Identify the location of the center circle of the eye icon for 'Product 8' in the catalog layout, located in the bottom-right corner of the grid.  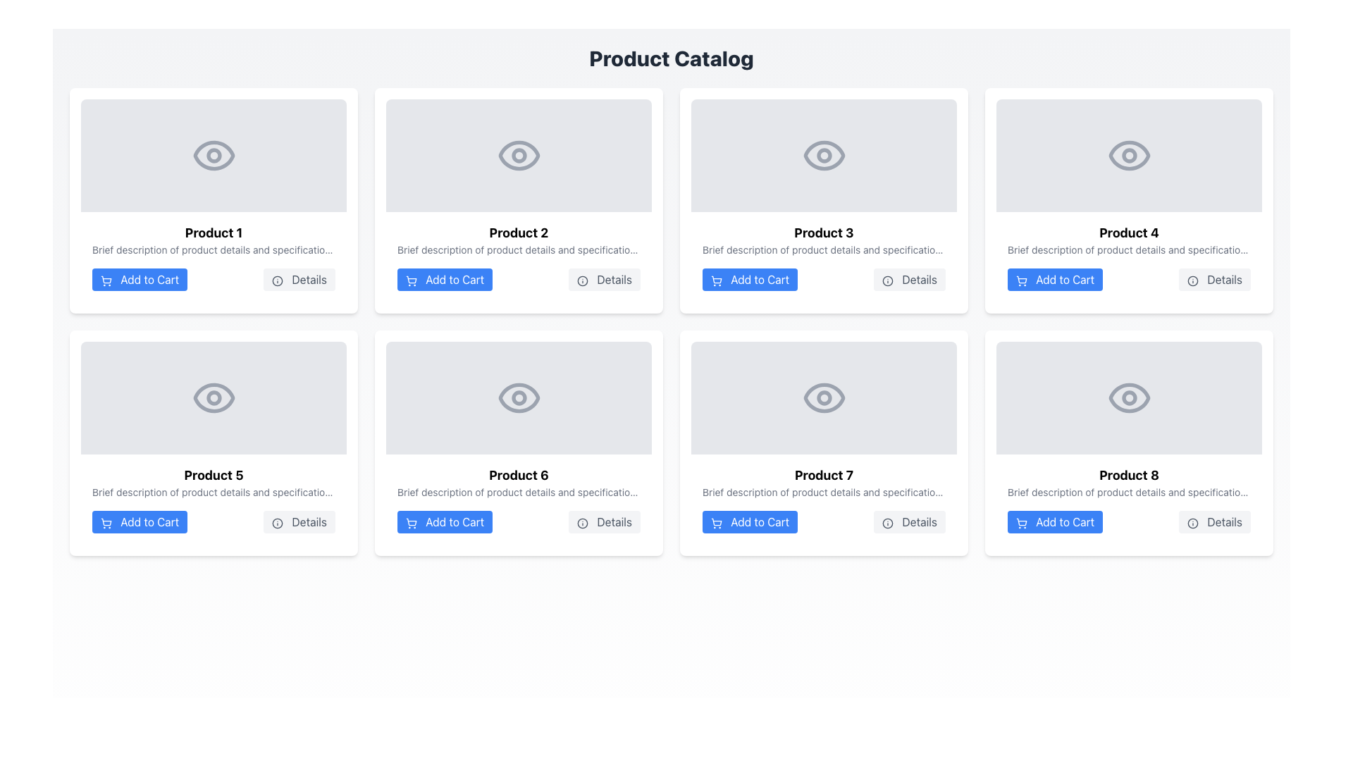
(1129, 397).